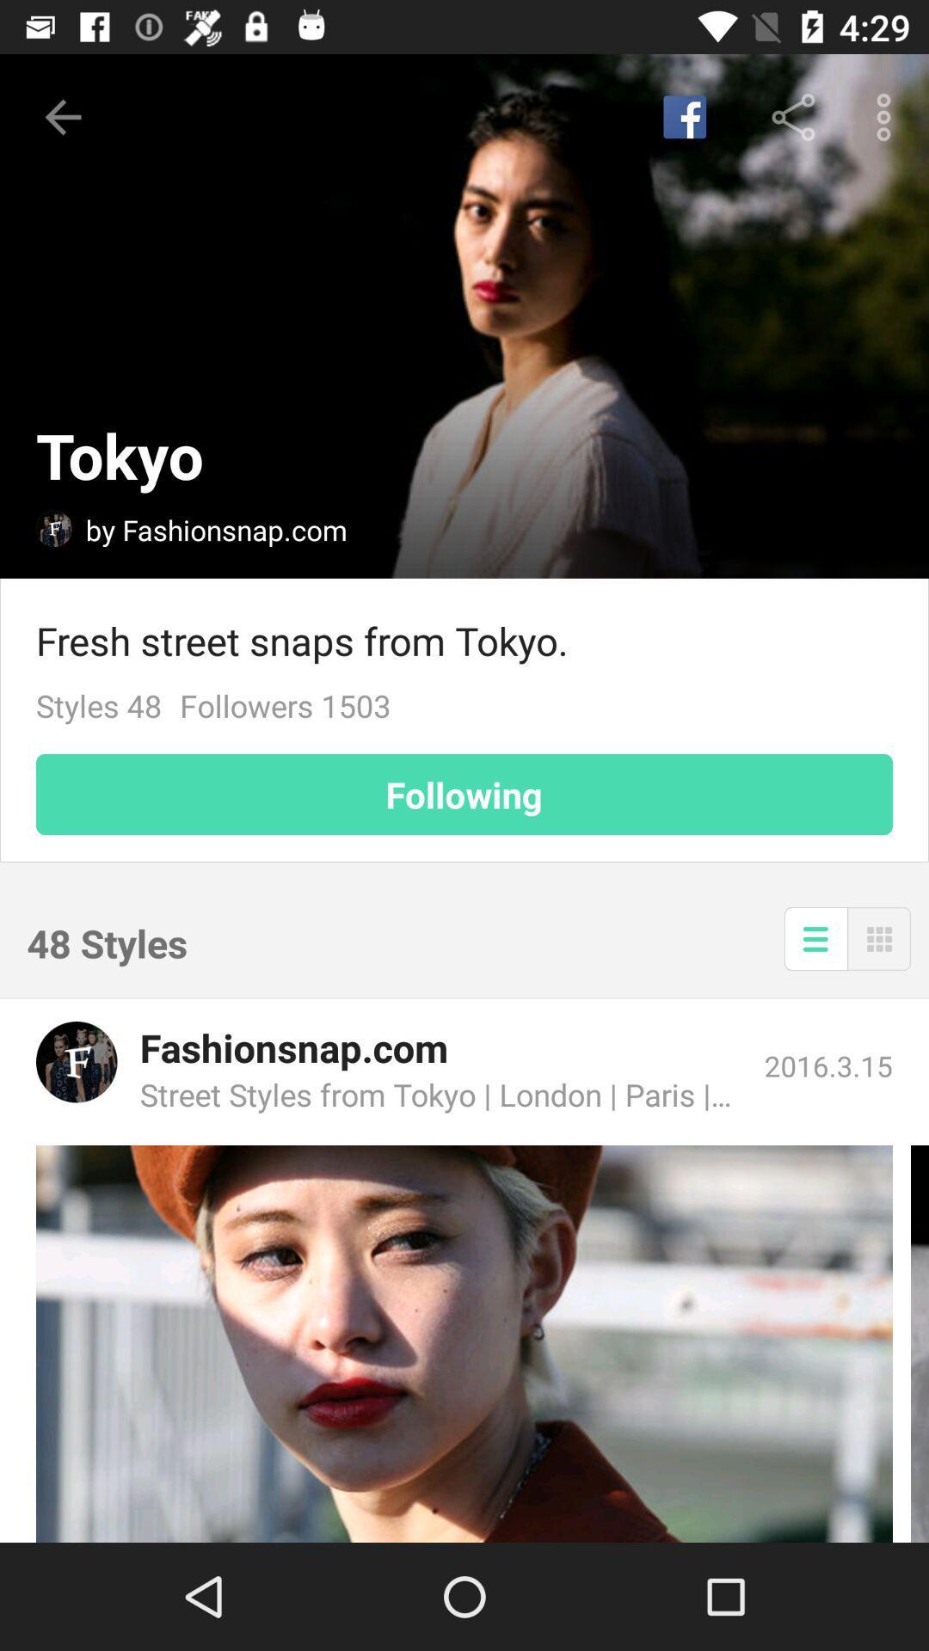  I want to click on information, so click(815, 937).